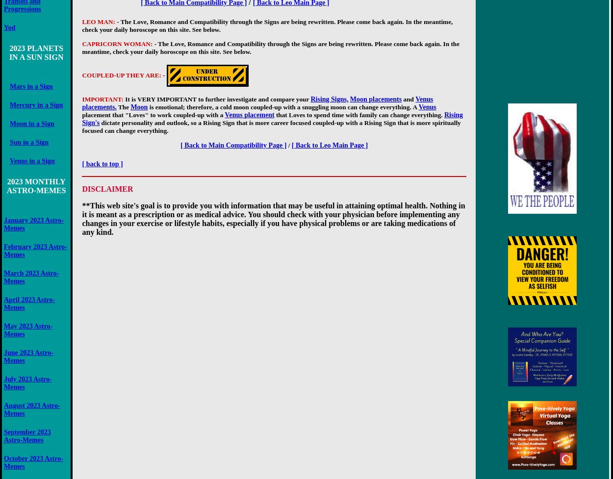 The image size is (613, 479). What do you see at coordinates (28, 356) in the screenshot?
I see `'June 2023 Astro-Memes'` at bounding box center [28, 356].